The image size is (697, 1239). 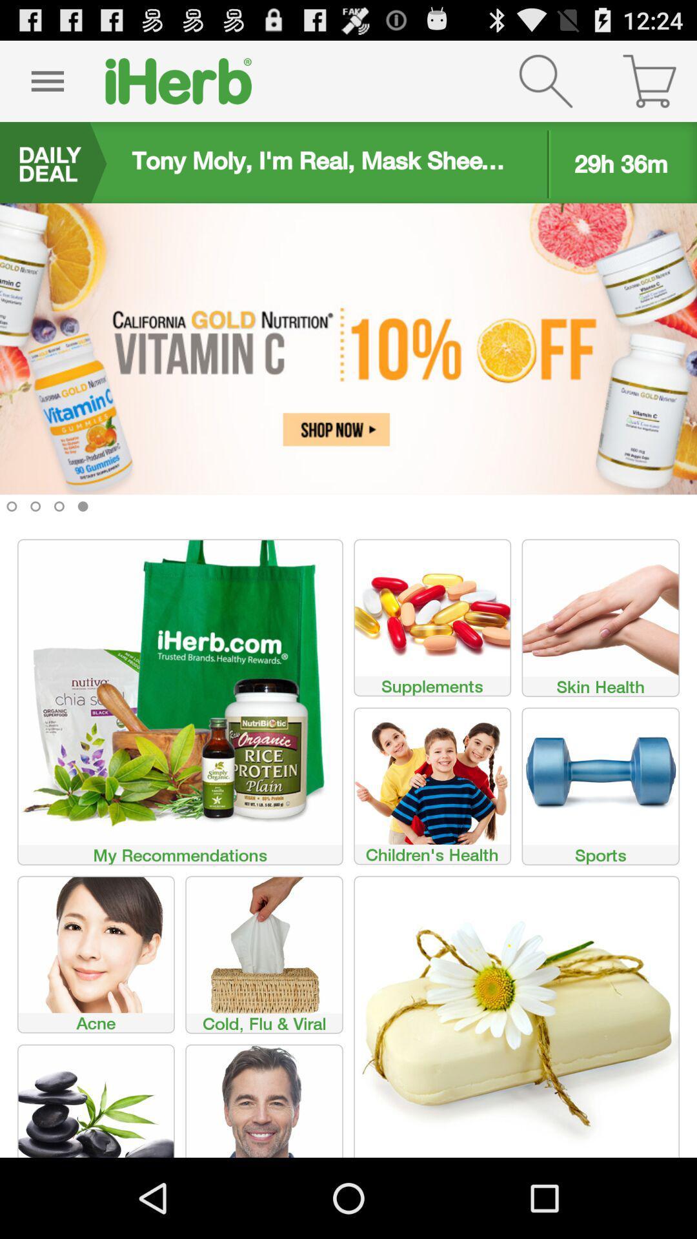 I want to click on click advertisement to shop, so click(x=348, y=367).